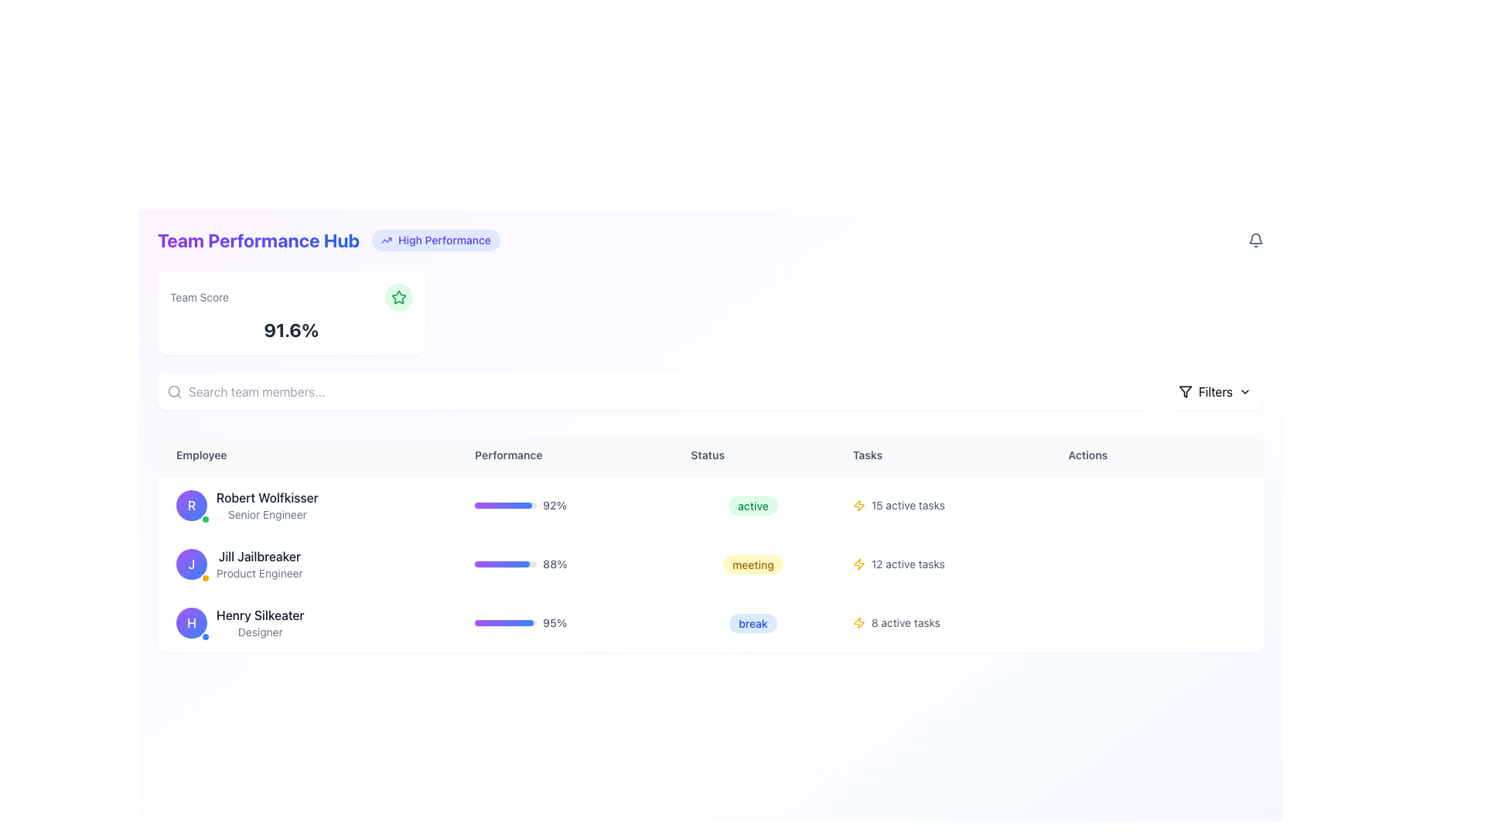 This screenshot has height=835, width=1485. Describe the element at coordinates (1114, 506) in the screenshot. I see `the button associated with 'Henry Silkeater' in the 'Actions' column` at that location.